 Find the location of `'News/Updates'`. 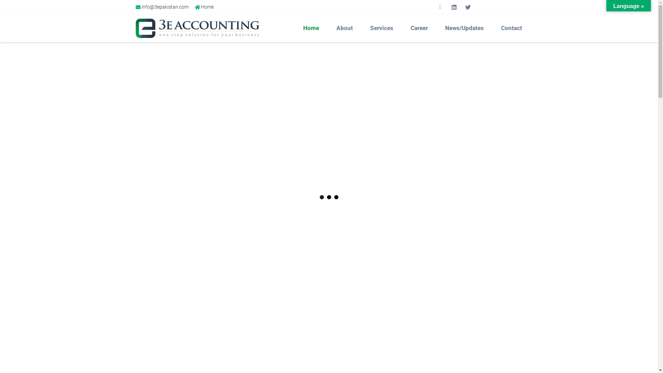

'News/Updates' is located at coordinates (466, 28).